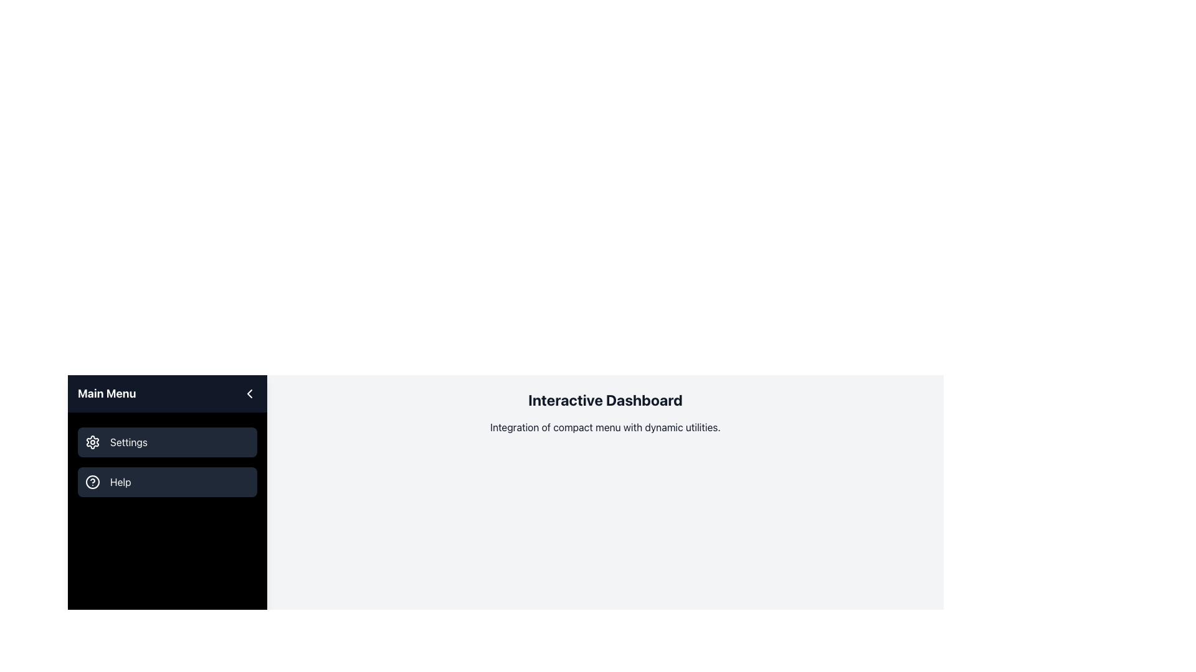 The image size is (1196, 672). I want to click on the bold 'Main Menu' text label located at the top-left of the sidebar layout, styled with a dark background, so click(107, 393).